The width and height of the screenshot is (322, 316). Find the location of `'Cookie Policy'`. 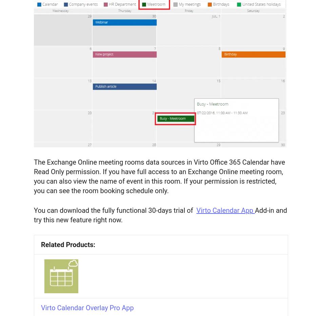

'Cookie Policy' is located at coordinates (36, 43).